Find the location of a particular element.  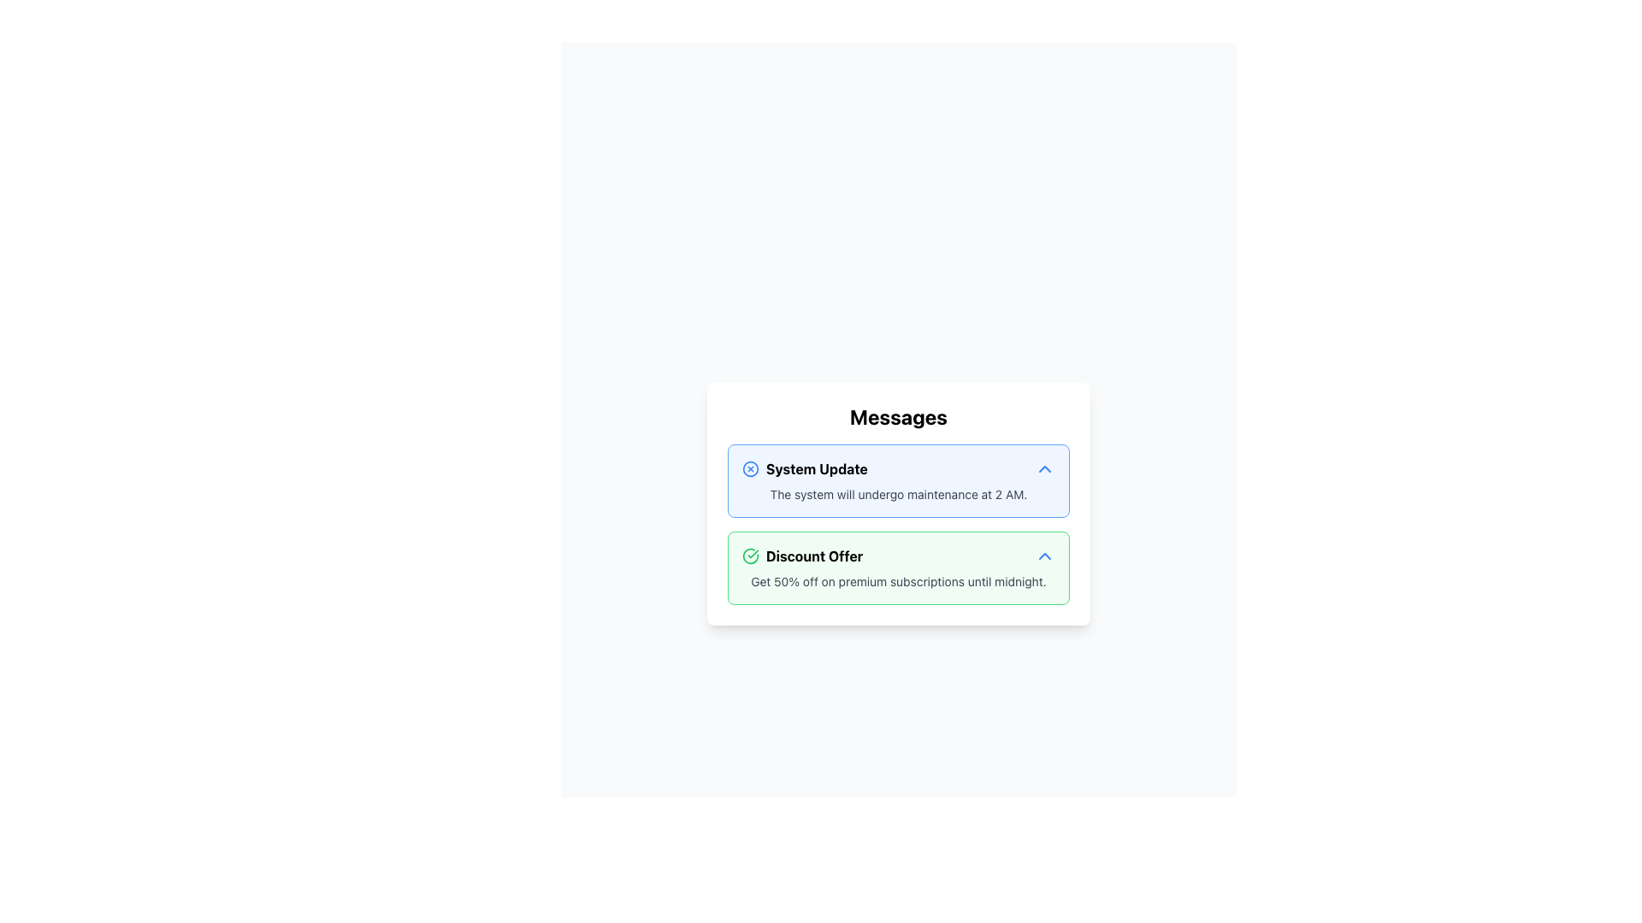

the circular icon with an 'X' inside, which is styled with a blue outline and located to the left of the 'System Update' text in the messages list is located at coordinates (751, 468).